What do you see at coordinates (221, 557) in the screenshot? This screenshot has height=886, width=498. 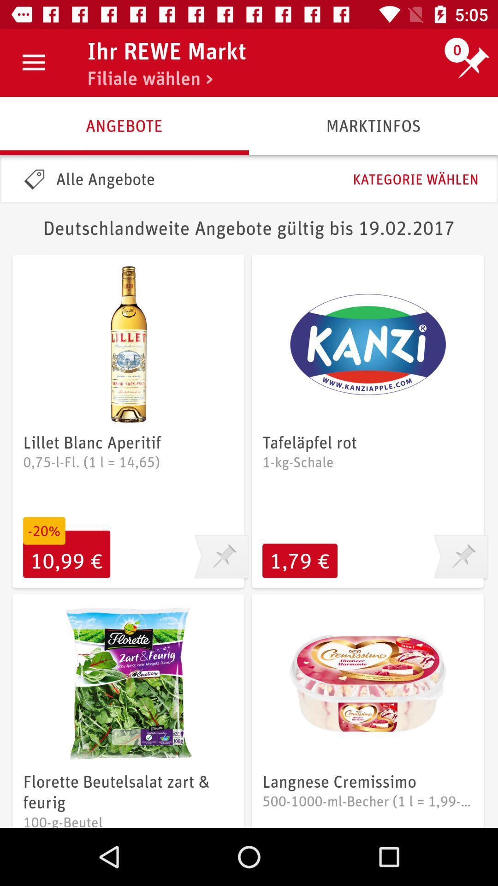 I see `pin this` at bounding box center [221, 557].